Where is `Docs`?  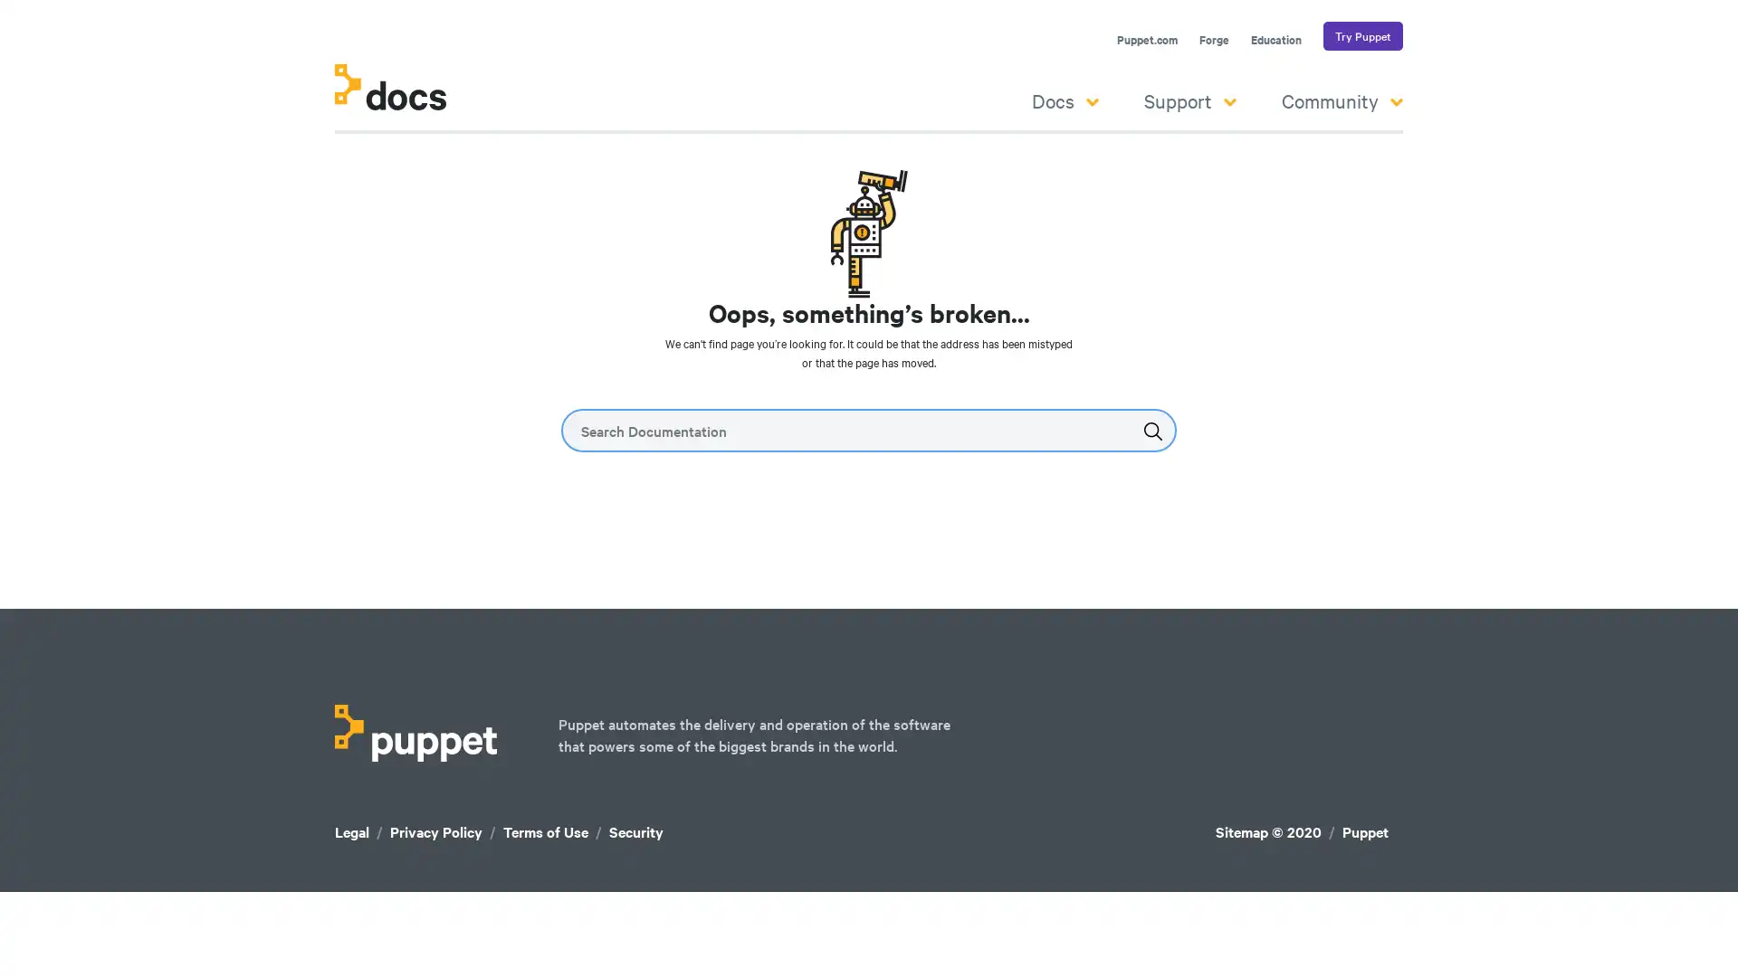
Docs is located at coordinates (1065, 109).